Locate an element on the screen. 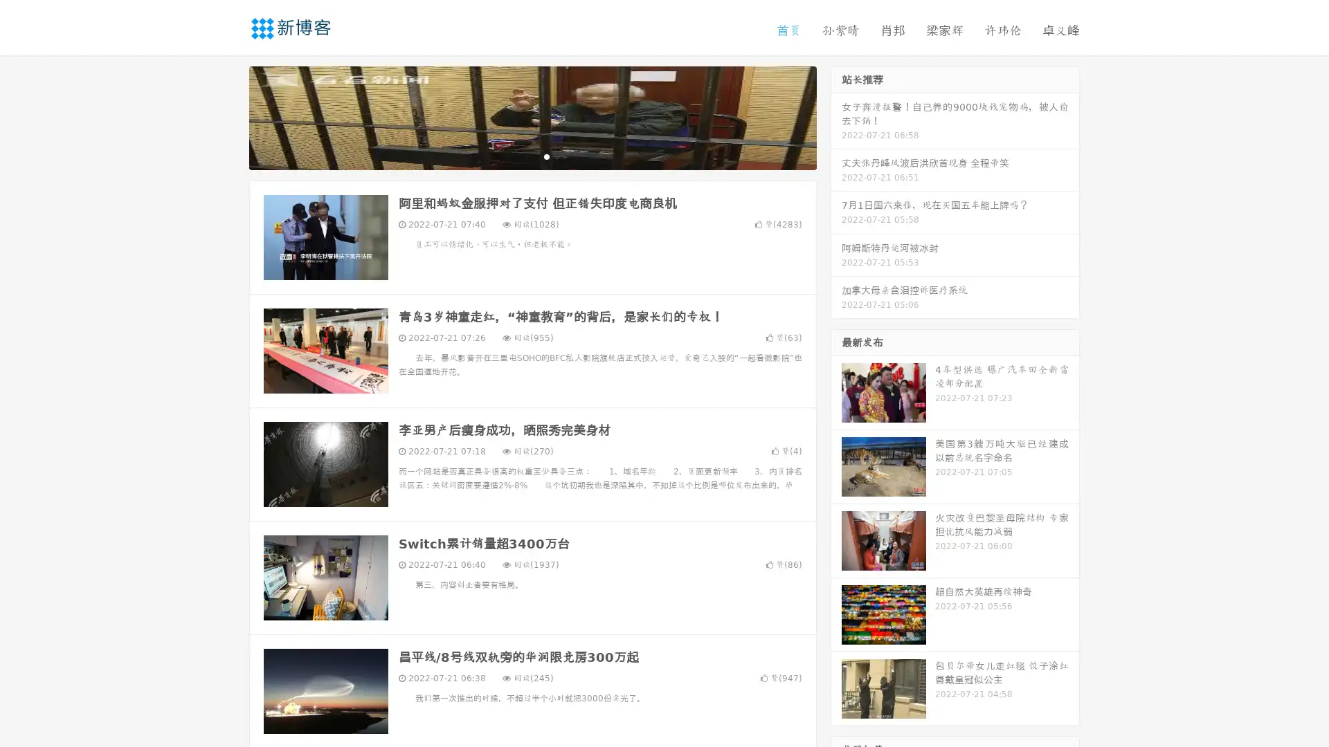  Go to slide 2 is located at coordinates (532, 156).